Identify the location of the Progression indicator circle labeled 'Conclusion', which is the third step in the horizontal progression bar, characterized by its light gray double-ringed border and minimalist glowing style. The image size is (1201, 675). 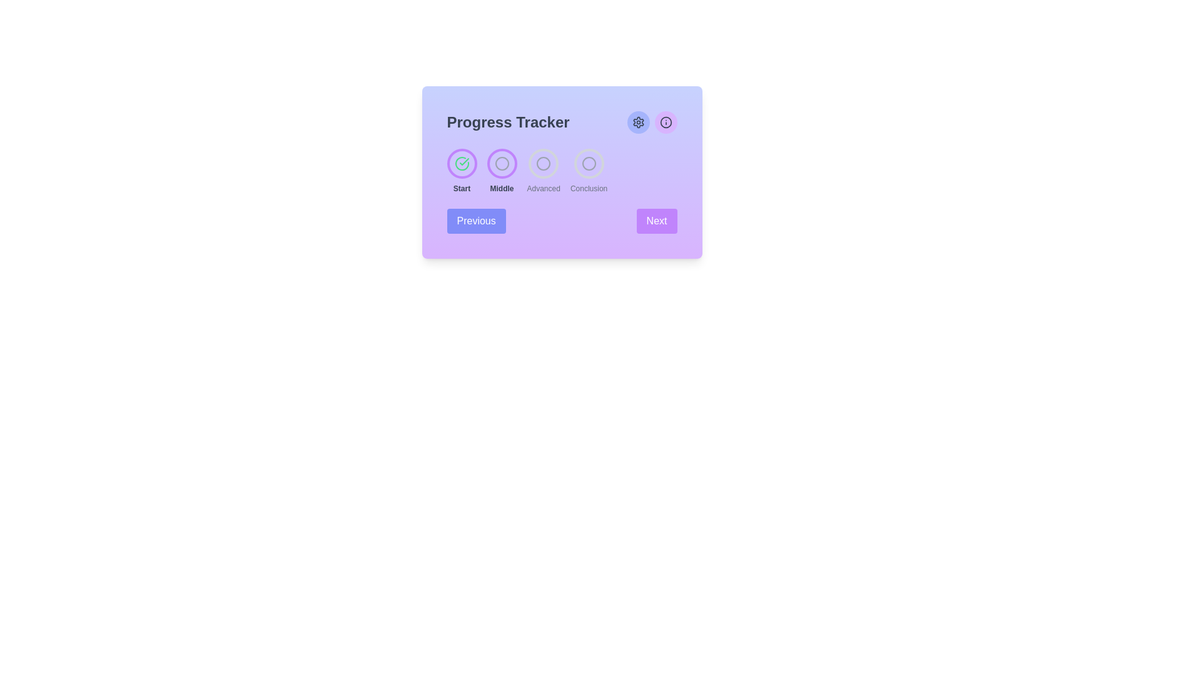
(588, 163).